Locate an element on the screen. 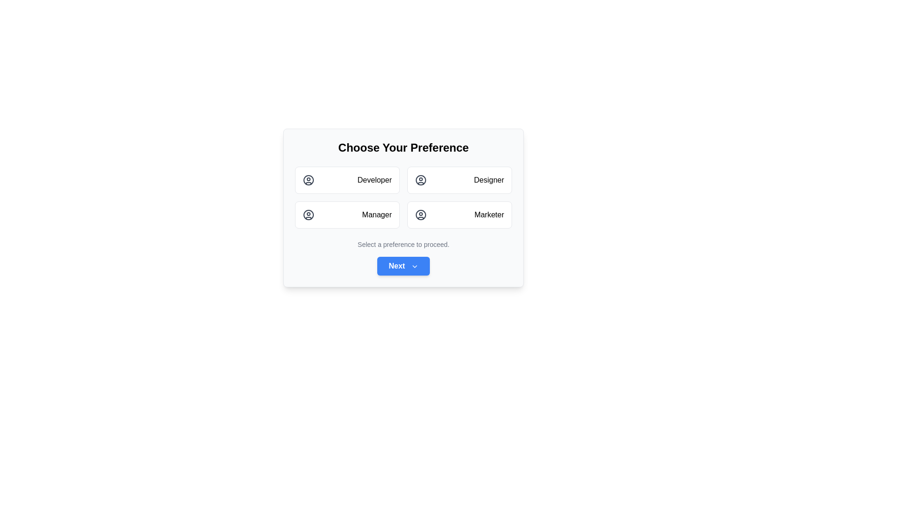  the 'Developer' button located in the top-left of a four-button grid layout is located at coordinates (347, 180).